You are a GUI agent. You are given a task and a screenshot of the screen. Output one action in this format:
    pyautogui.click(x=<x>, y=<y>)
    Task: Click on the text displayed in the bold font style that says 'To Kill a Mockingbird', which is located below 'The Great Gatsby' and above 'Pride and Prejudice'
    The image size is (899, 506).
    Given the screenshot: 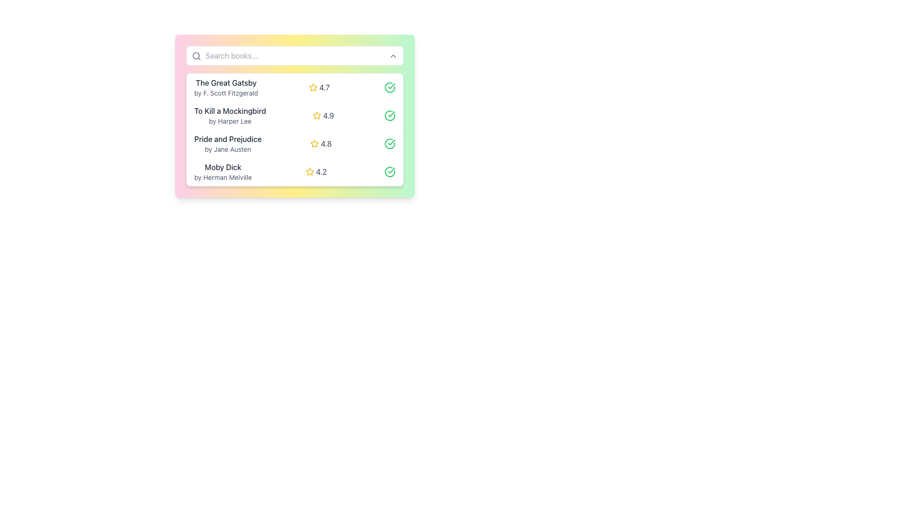 What is the action you would take?
    pyautogui.click(x=230, y=110)
    